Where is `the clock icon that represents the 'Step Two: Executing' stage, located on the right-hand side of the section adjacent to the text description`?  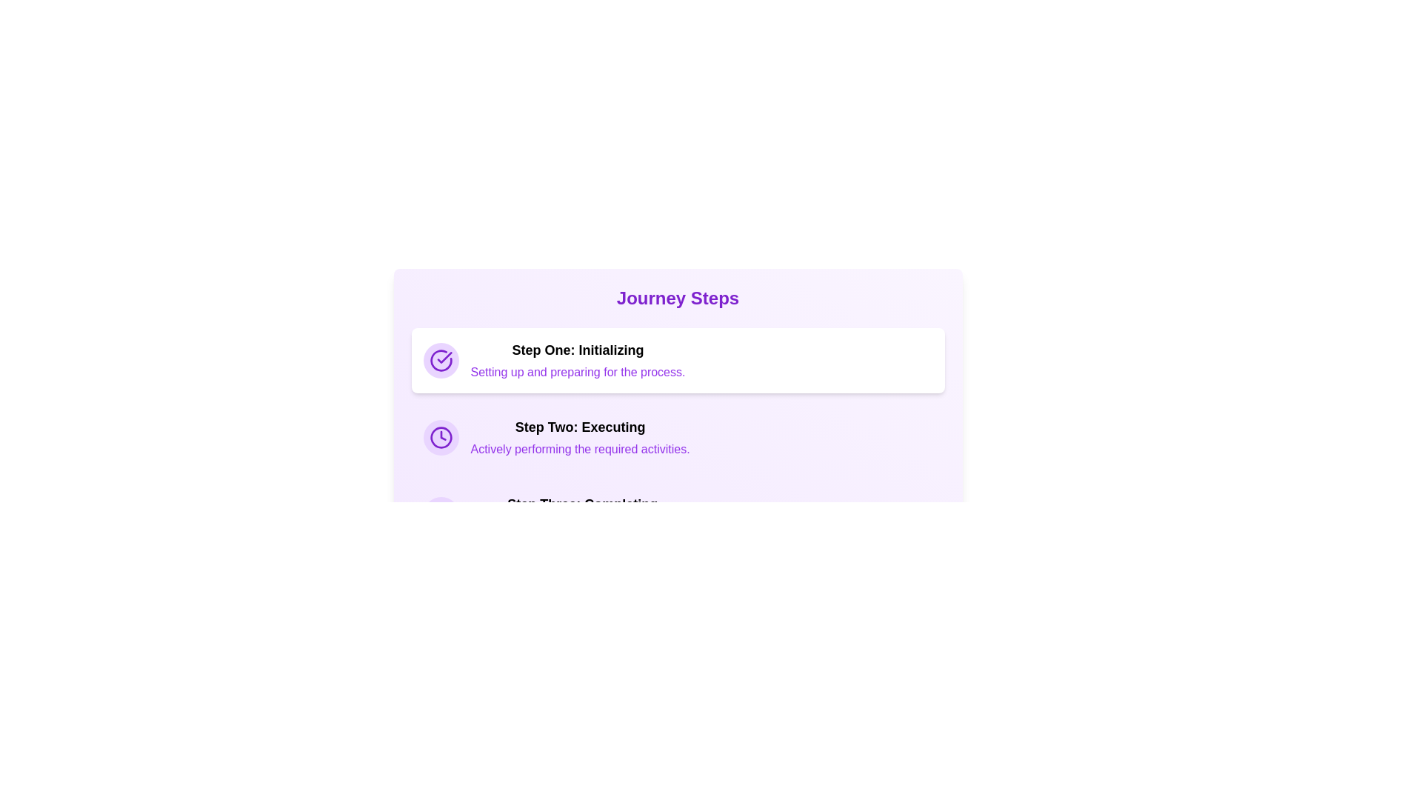
the clock icon that represents the 'Step Two: Executing' stage, located on the right-hand side of the section adjacent to the text description is located at coordinates (440, 436).